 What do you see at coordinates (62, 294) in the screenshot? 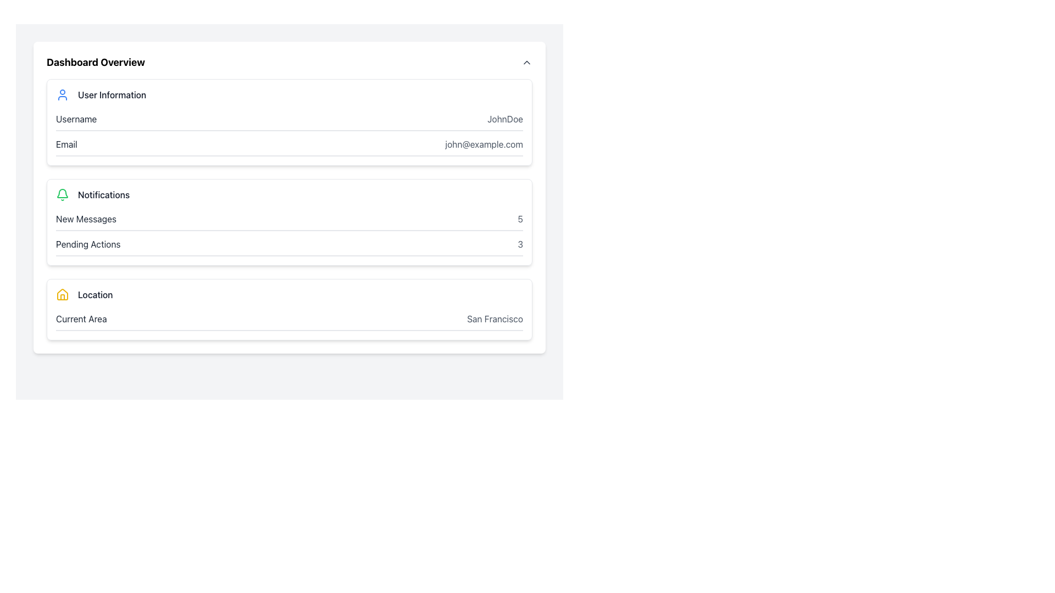
I see `the yellow house icon located next to the 'Location' label` at bounding box center [62, 294].